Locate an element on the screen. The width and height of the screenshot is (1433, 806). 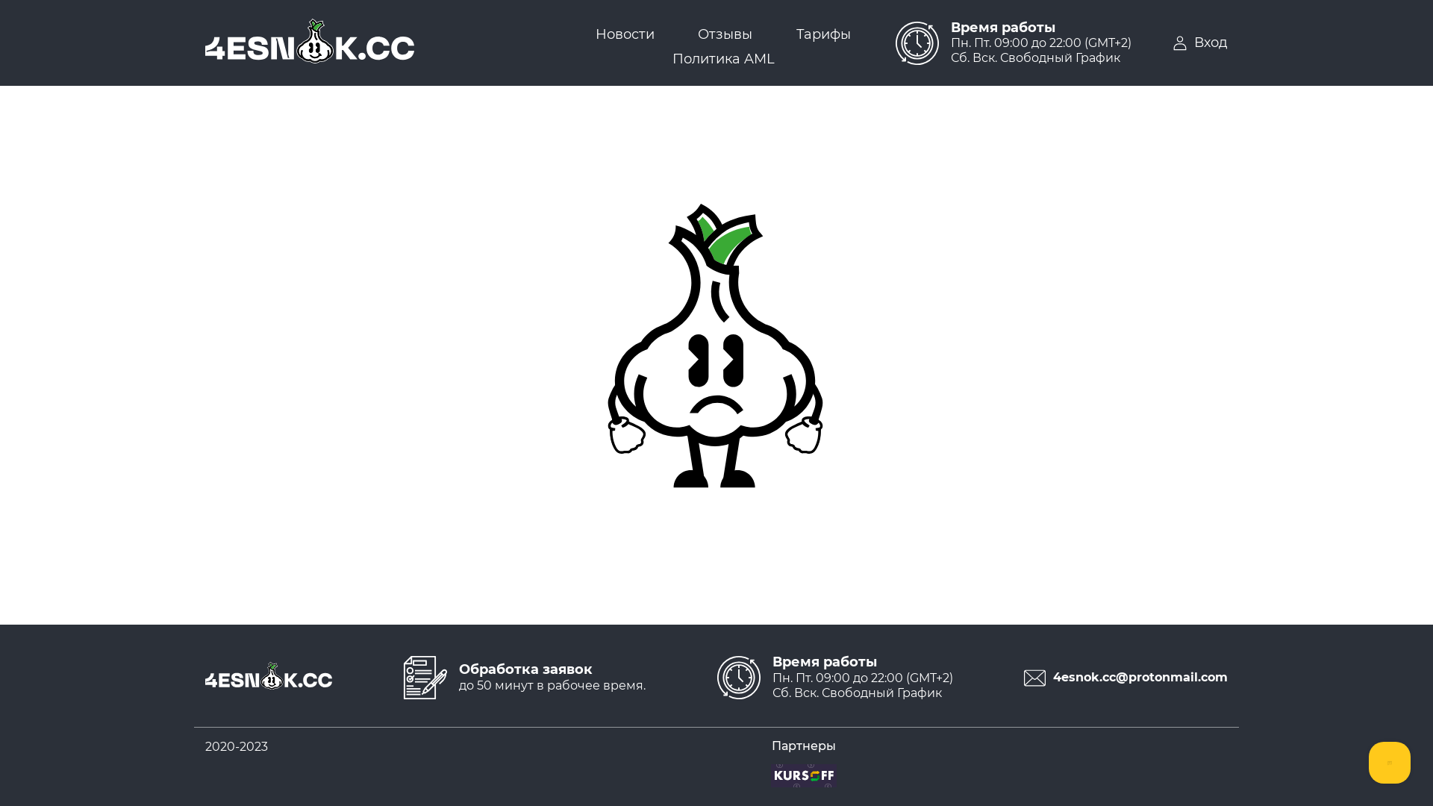
'4esnok.cc@protonmail.com' is located at coordinates (1120, 678).